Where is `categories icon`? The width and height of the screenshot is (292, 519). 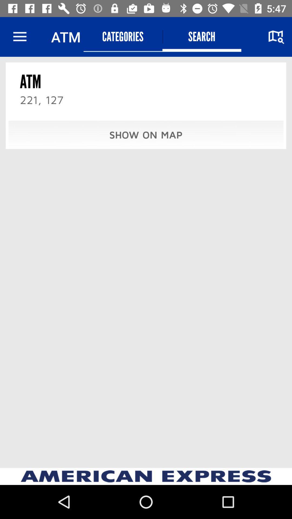 categories icon is located at coordinates (123, 36).